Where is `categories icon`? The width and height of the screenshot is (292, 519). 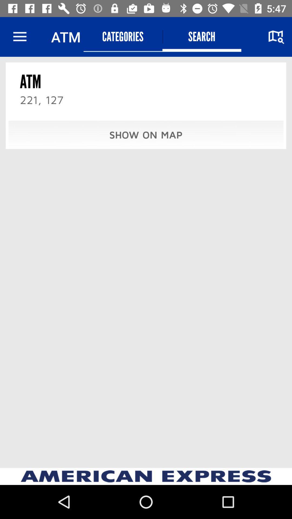 categories icon is located at coordinates (123, 36).